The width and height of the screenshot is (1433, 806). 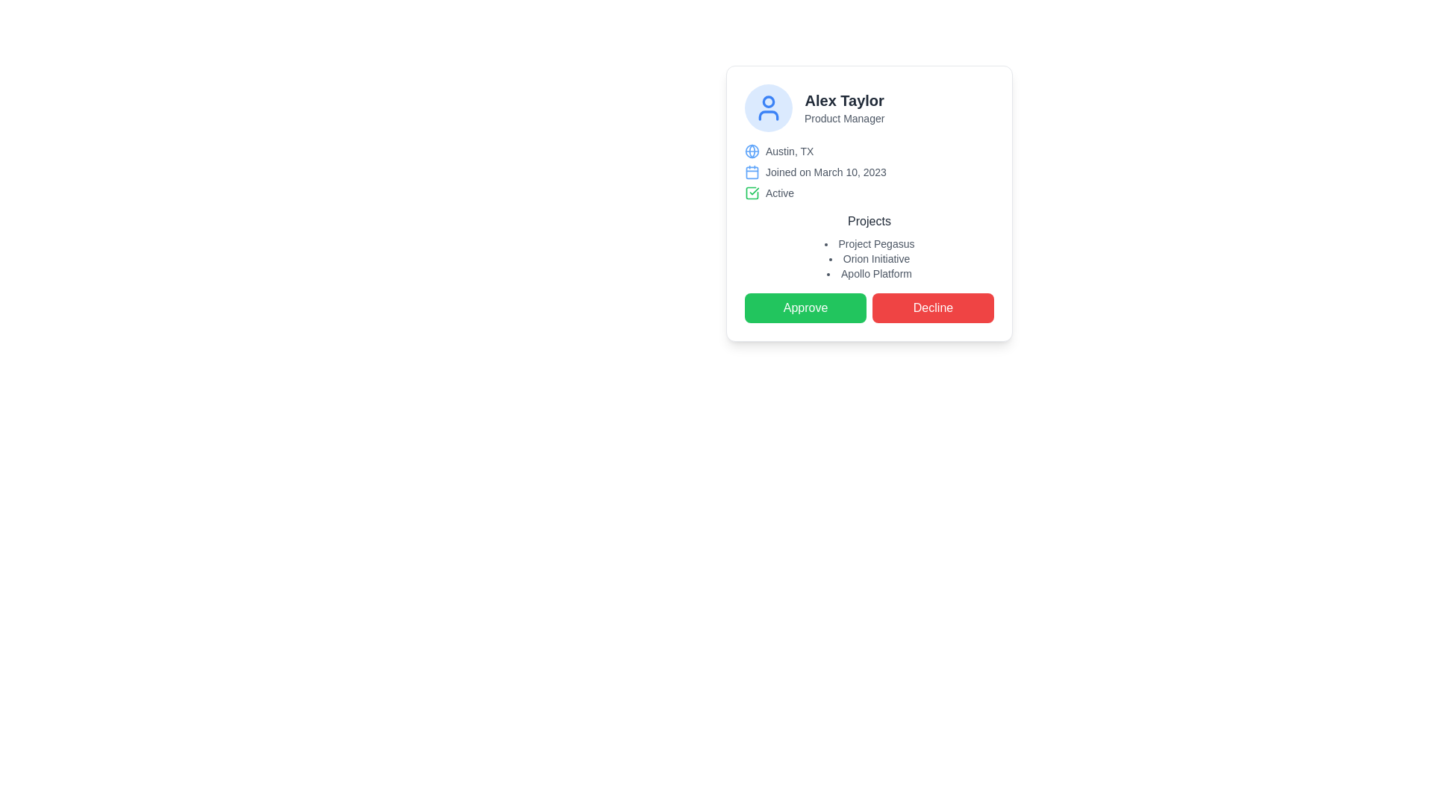 What do you see at coordinates (752, 172) in the screenshot?
I see `the main body of the calendar icon located to the left of the text 'Joined on March 10, 2023' in the profile card` at bounding box center [752, 172].